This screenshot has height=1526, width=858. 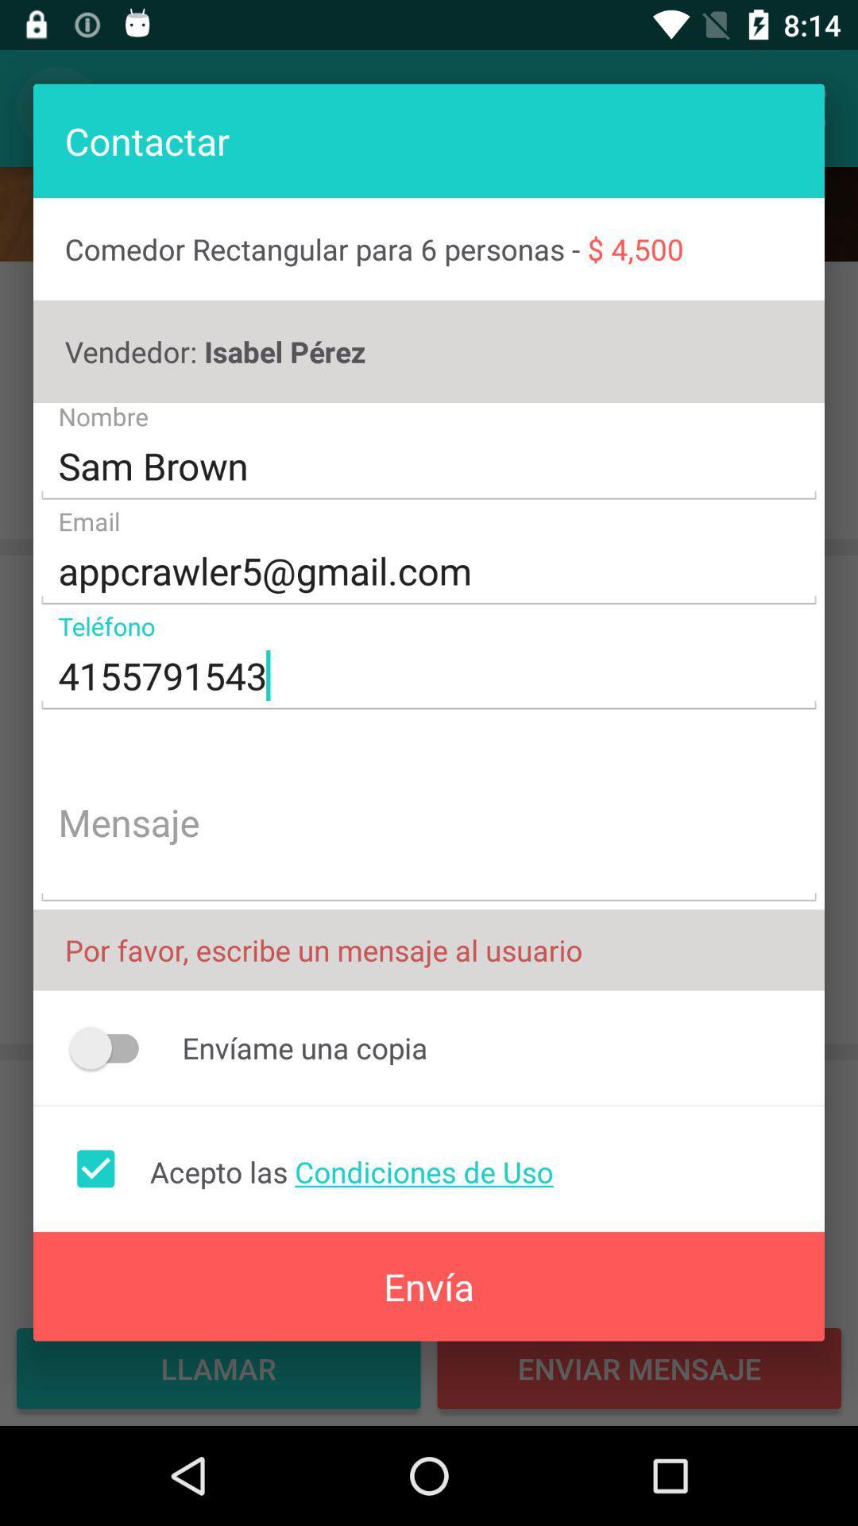 What do you see at coordinates (429, 824) in the screenshot?
I see `the item above the por favor escribe icon` at bounding box center [429, 824].